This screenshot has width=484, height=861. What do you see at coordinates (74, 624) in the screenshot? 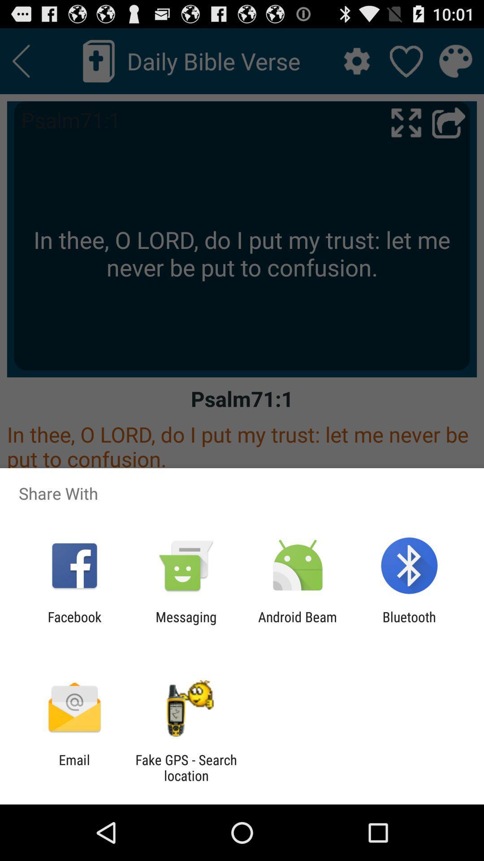
I see `facebook item` at bounding box center [74, 624].